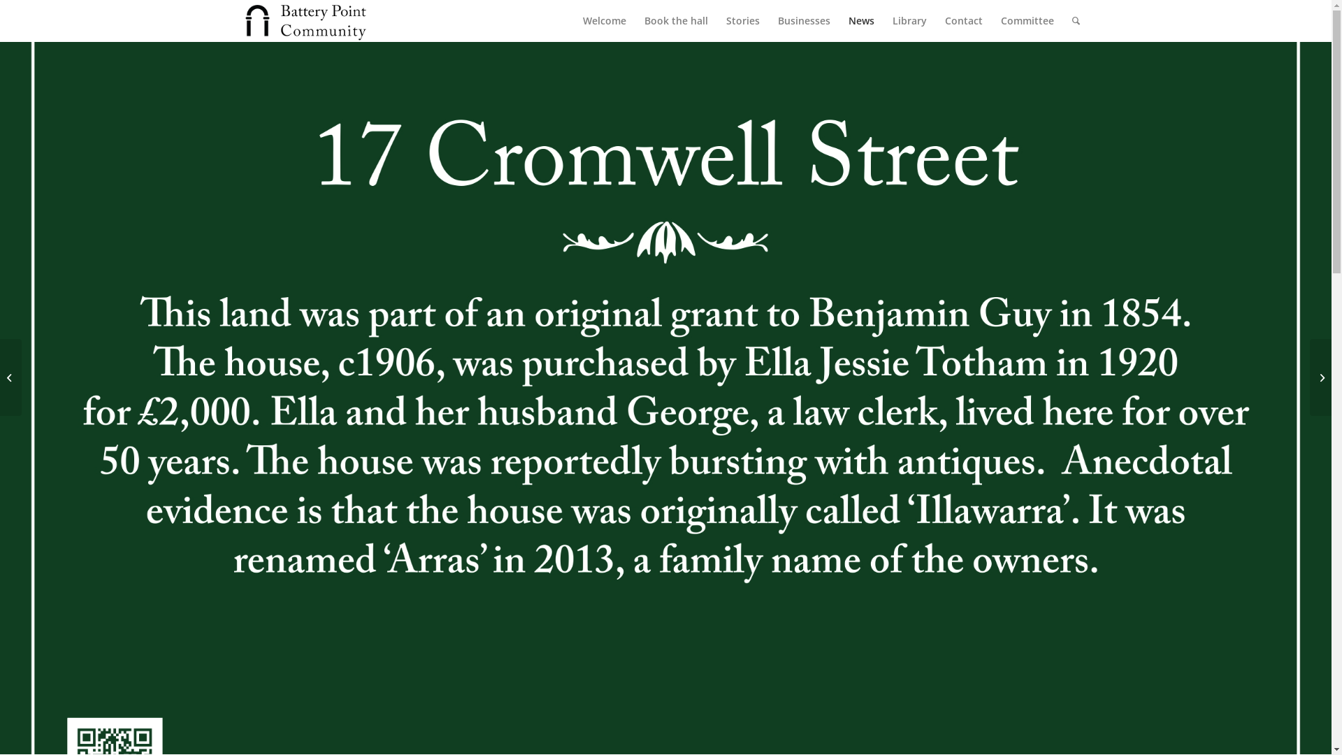 The image size is (1342, 755). I want to click on 'Book the hall', so click(633, 21).